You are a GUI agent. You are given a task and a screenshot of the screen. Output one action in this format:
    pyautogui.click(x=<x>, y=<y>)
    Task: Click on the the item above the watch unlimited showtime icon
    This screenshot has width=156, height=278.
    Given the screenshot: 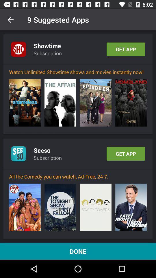 What is the action you would take?
    pyautogui.click(x=78, y=65)
    